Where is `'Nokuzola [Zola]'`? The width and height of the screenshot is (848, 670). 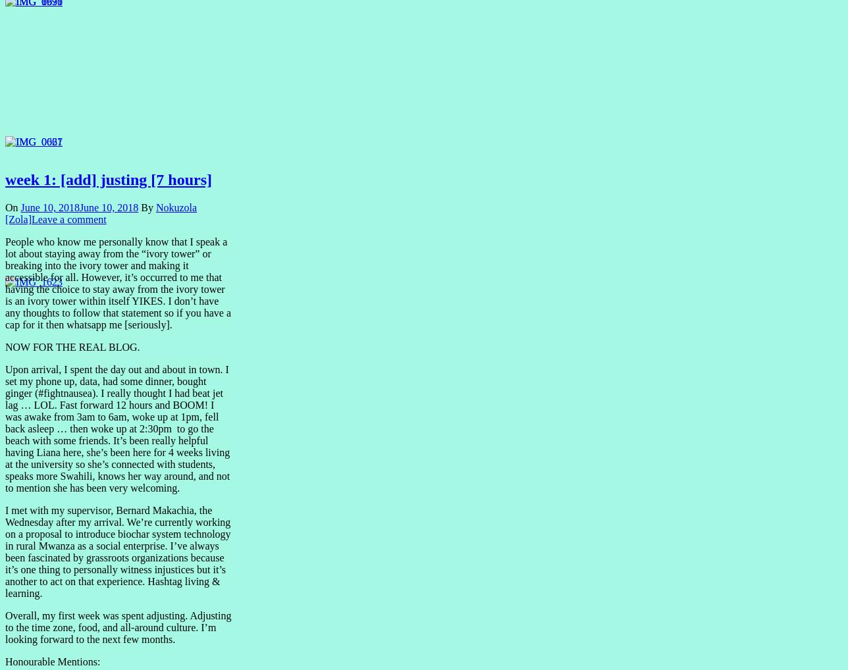 'Nokuzola [Zola]' is located at coordinates (5, 213).